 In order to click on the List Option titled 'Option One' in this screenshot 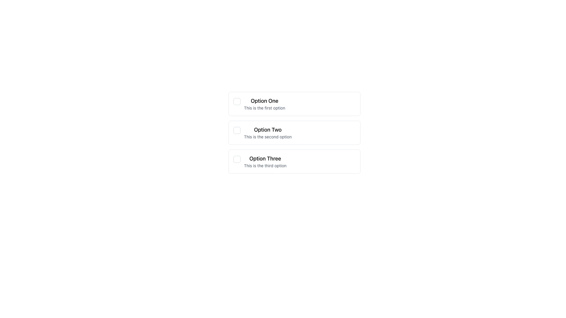, I will do `click(264, 104)`.